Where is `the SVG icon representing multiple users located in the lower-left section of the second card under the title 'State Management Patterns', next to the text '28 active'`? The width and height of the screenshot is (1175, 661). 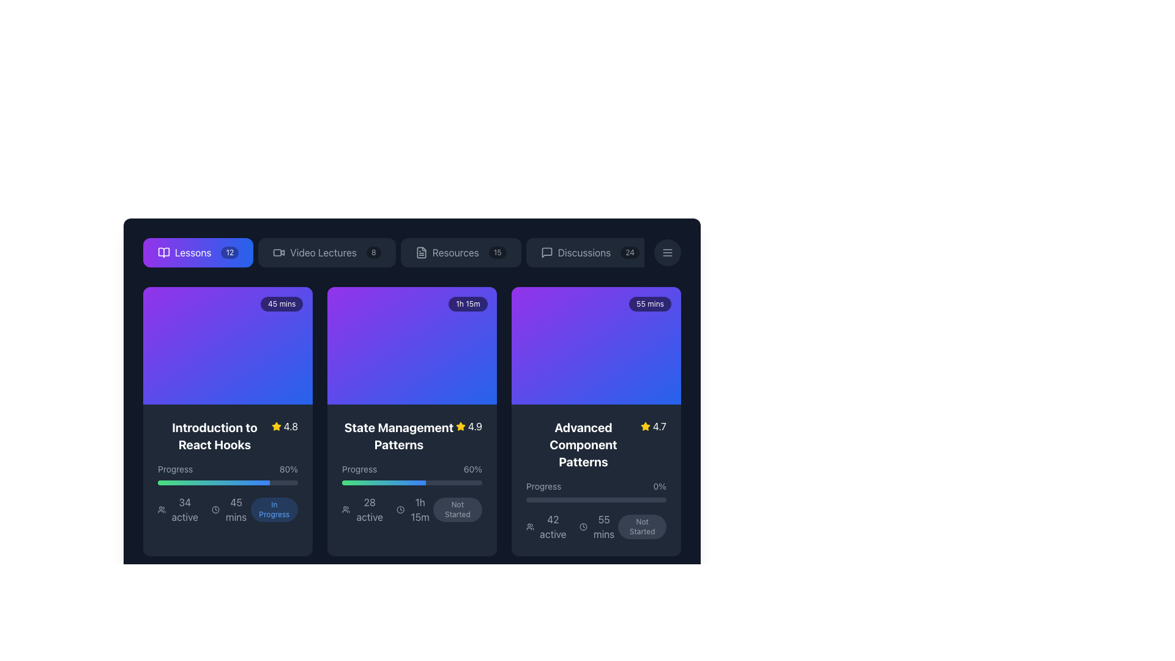
the SVG icon representing multiple users located in the lower-left section of the second card under the title 'State Management Patterns', next to the text '28 active' is located at coordinates (345, 510).